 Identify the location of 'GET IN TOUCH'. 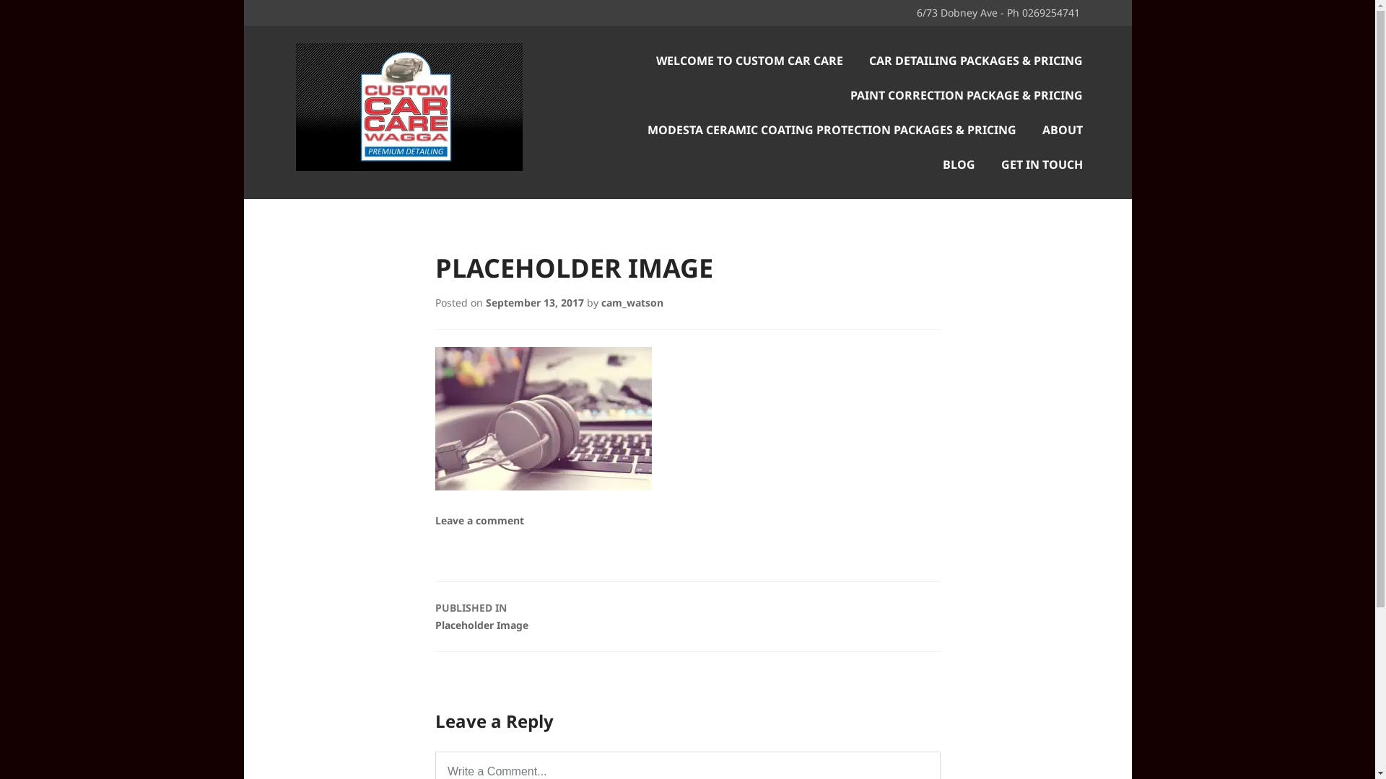
(1000, 163).